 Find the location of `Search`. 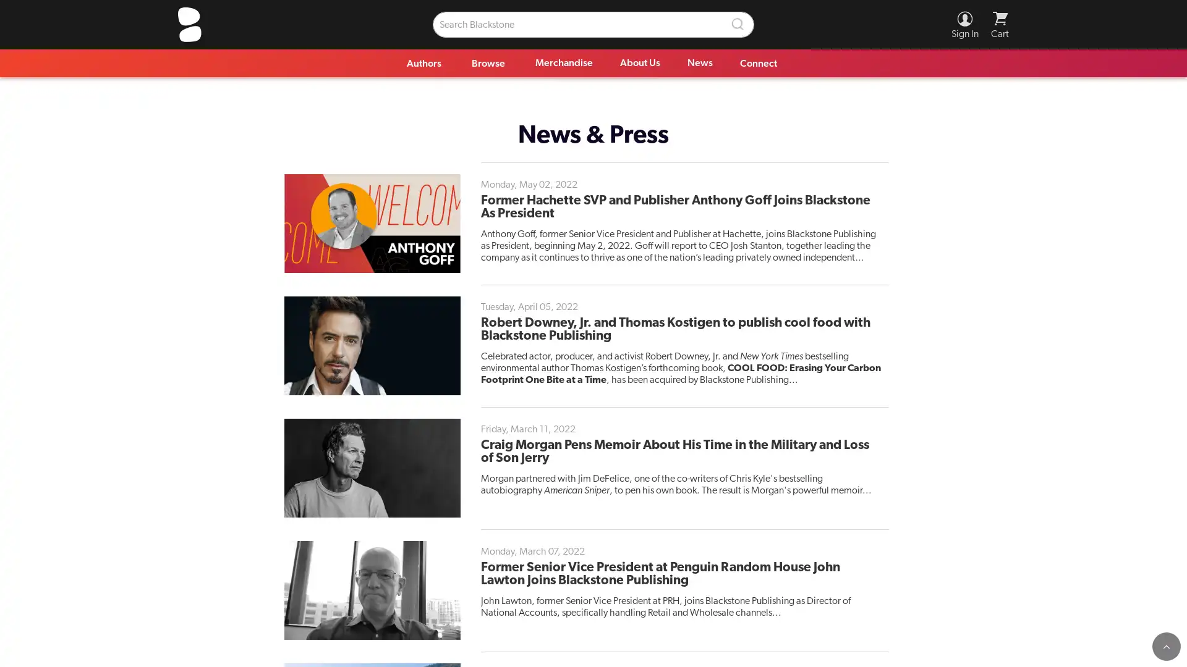

Search is located at coordinates (738, 24).